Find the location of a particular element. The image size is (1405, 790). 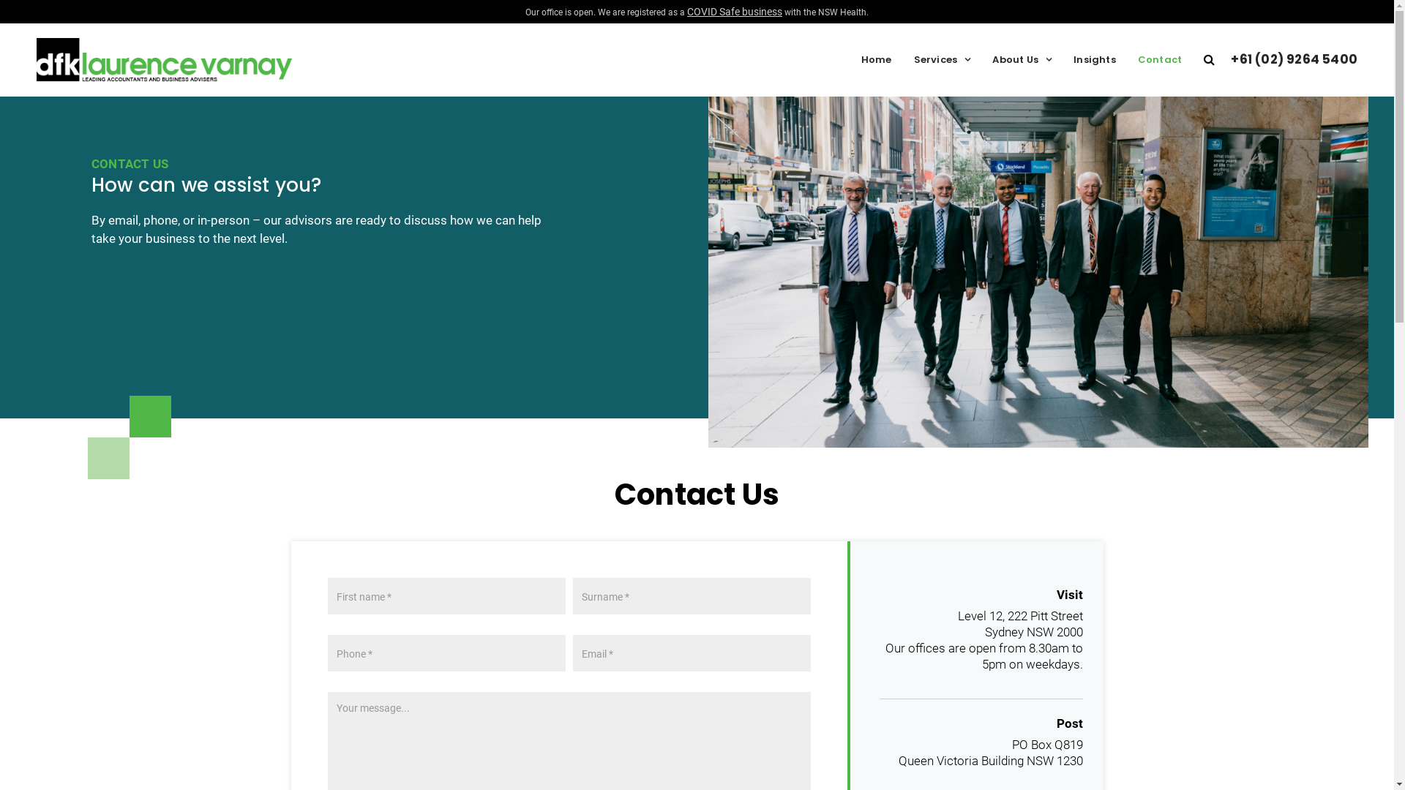

'COVID Safe business' is located at coordinates (734, 11).